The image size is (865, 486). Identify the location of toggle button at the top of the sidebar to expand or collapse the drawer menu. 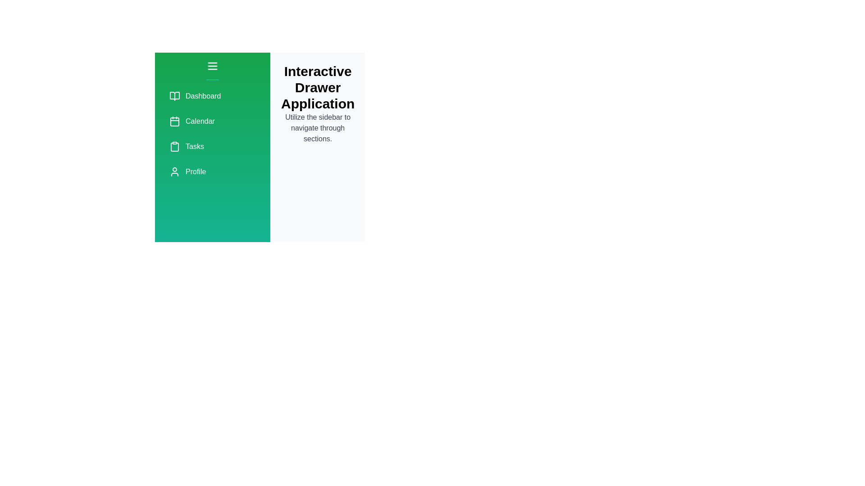
(212, 66).